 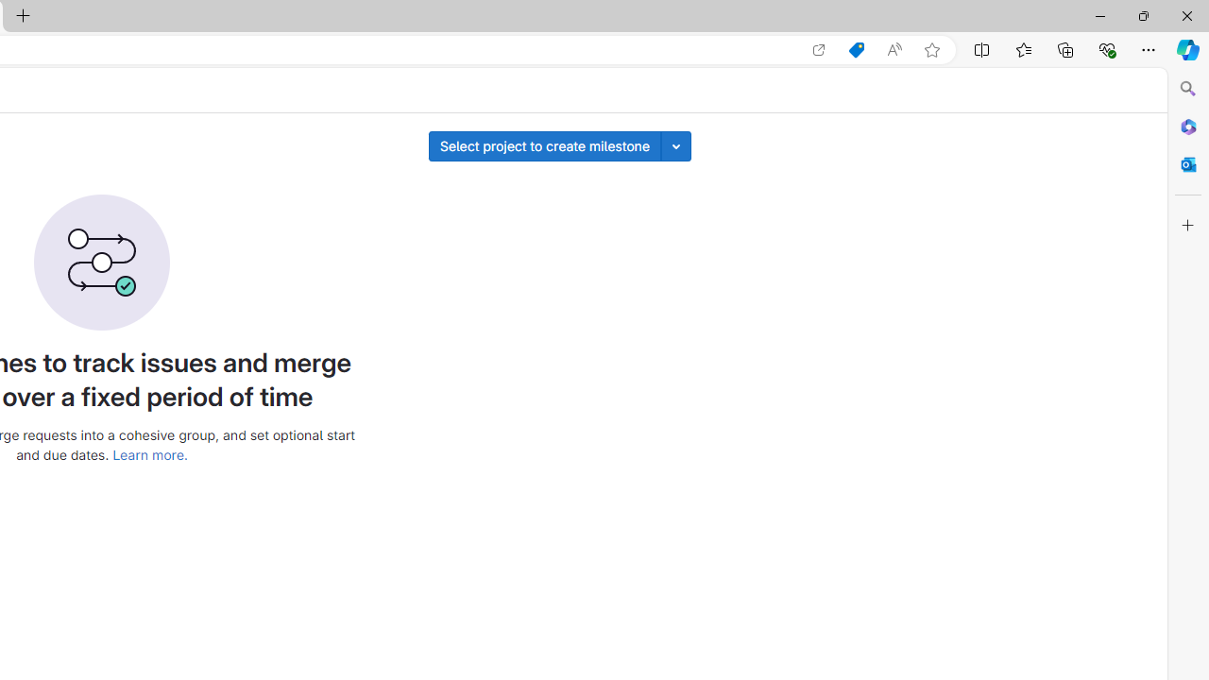 I want to click on 'Select project to create milestone', so click(x=543, y=144).